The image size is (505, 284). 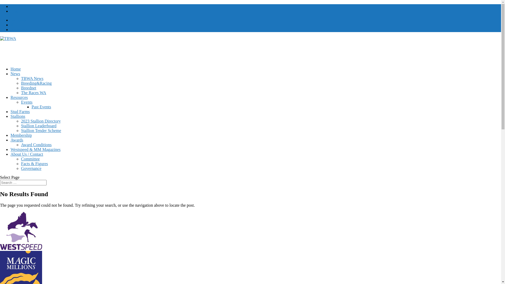 What do you see at coordinates (16, 69) in the screenshot?
I see `'Home'` at bounding box center [16, 69].